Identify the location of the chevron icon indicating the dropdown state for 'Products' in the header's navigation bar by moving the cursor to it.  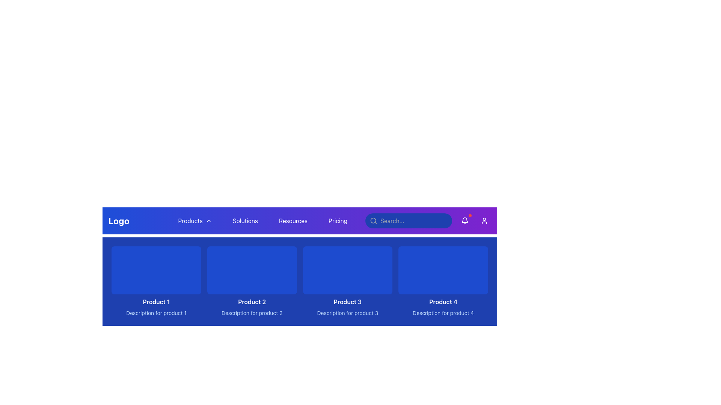
(208, 220).